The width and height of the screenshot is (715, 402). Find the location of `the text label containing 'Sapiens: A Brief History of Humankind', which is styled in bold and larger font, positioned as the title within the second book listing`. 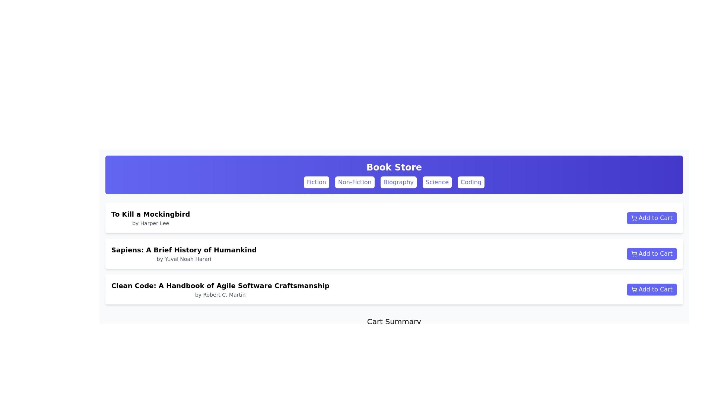

the text label containing 'Sapiens: A Brief History of Humankind', which is styled in bold and larger font, positioned as the title within the second book listing is located at coordinates (184, 250).